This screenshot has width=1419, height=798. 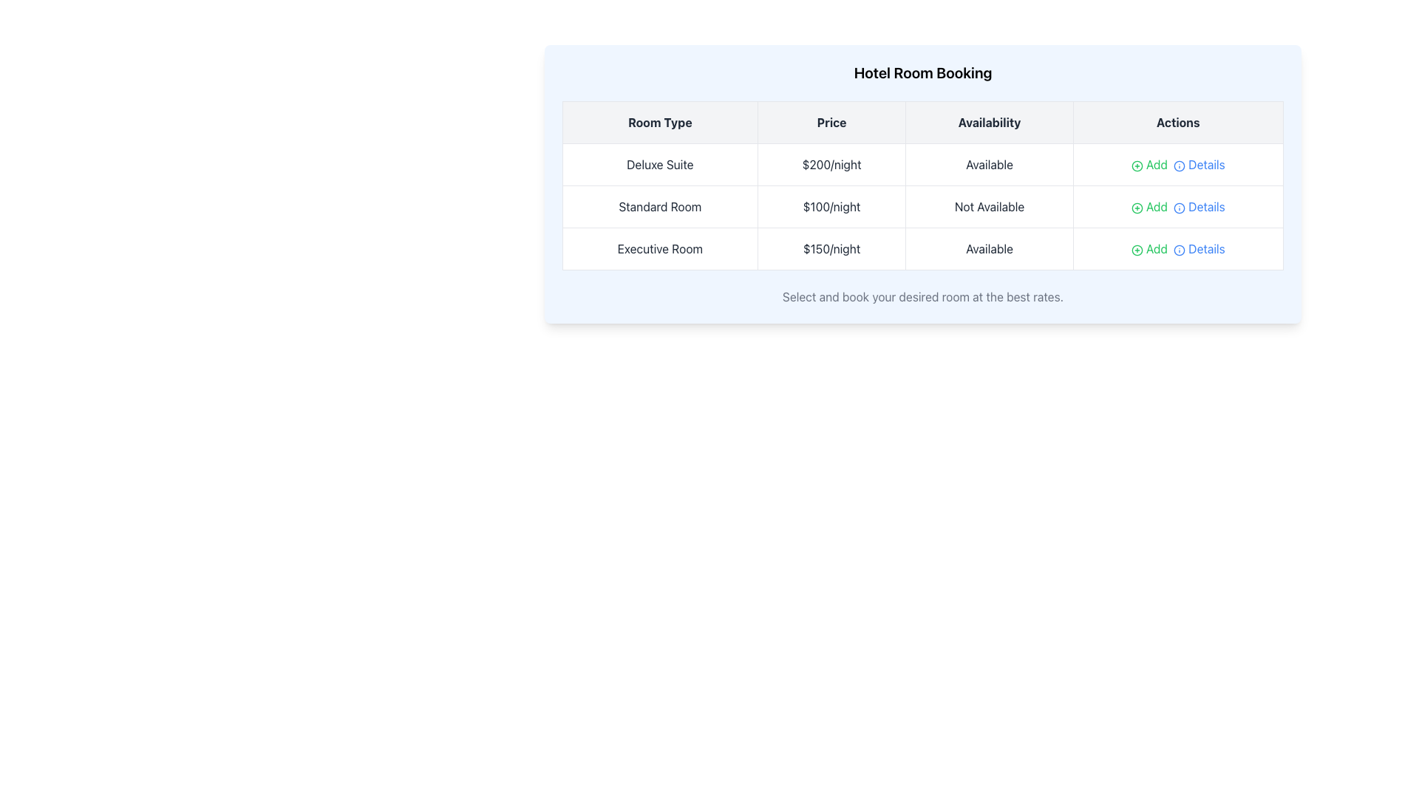 What do you see at coordinates (659, 207) in the screenshot?
I see `the 'Standard Room' Text Label, which describes the type of hotel room in the corresponding row of the table` at bounding box center [659, 207].